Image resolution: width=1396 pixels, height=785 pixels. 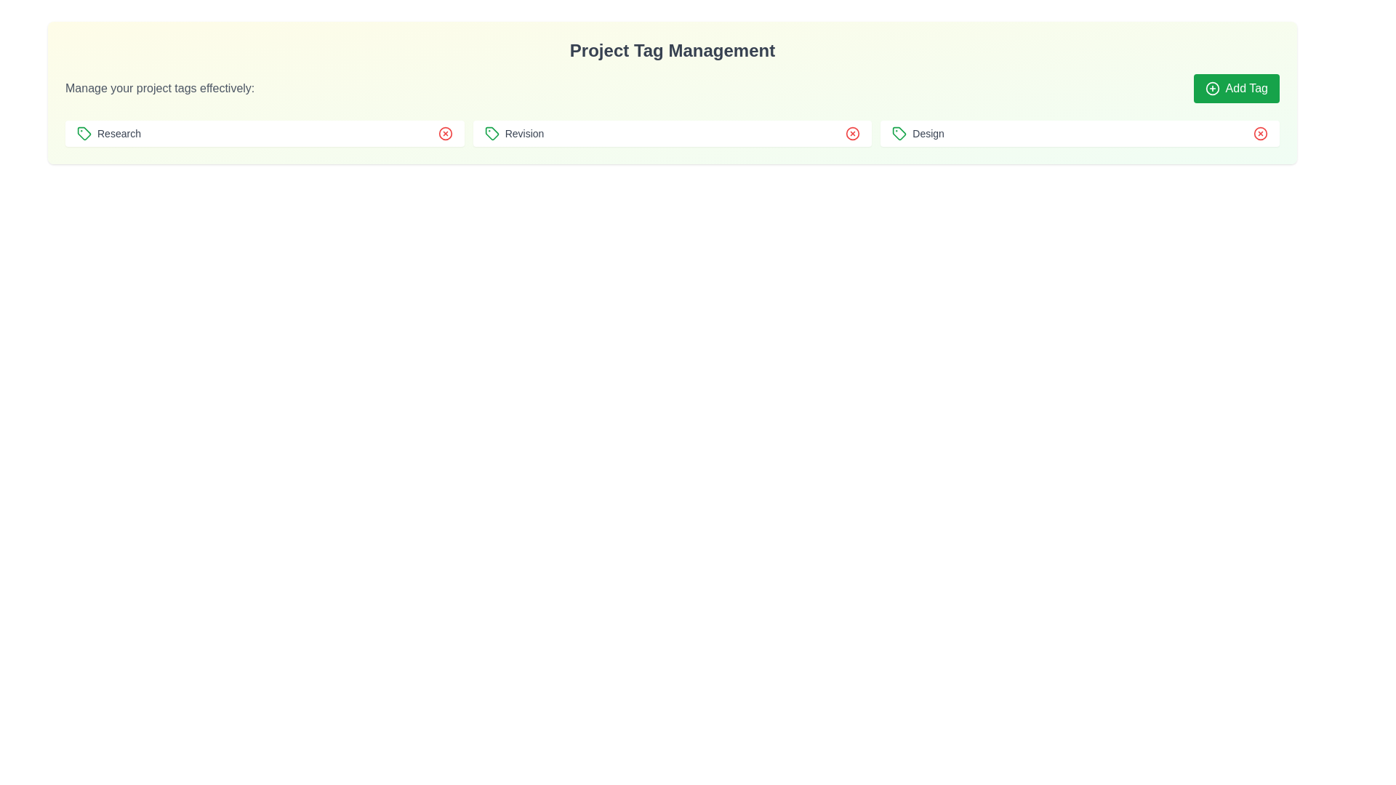 What do you see at coordinates (672, 49) in the screenshot?
I see `the static text label displaying 'Project Tag Management' which is prominently located at the upper center of the panel` at bounding box center [672, 49].